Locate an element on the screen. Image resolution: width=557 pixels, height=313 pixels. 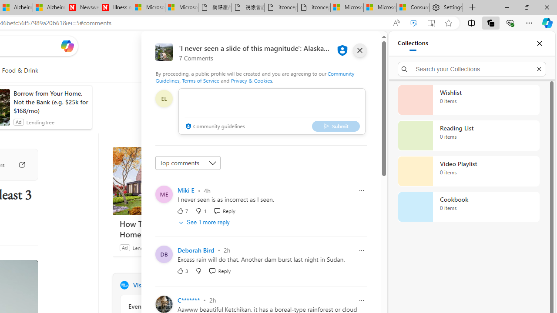
'Go to publisher' is located at coordinates (17, 165).